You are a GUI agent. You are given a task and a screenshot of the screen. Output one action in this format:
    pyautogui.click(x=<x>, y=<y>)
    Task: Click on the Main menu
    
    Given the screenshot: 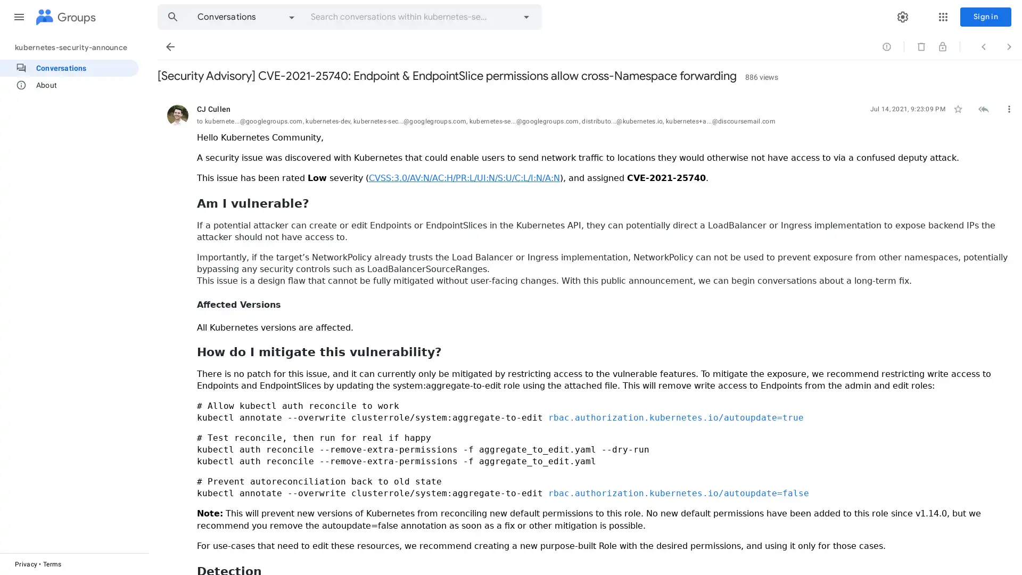 What is the action you would take?
    pyautogui.click(x=19, y=17)
    